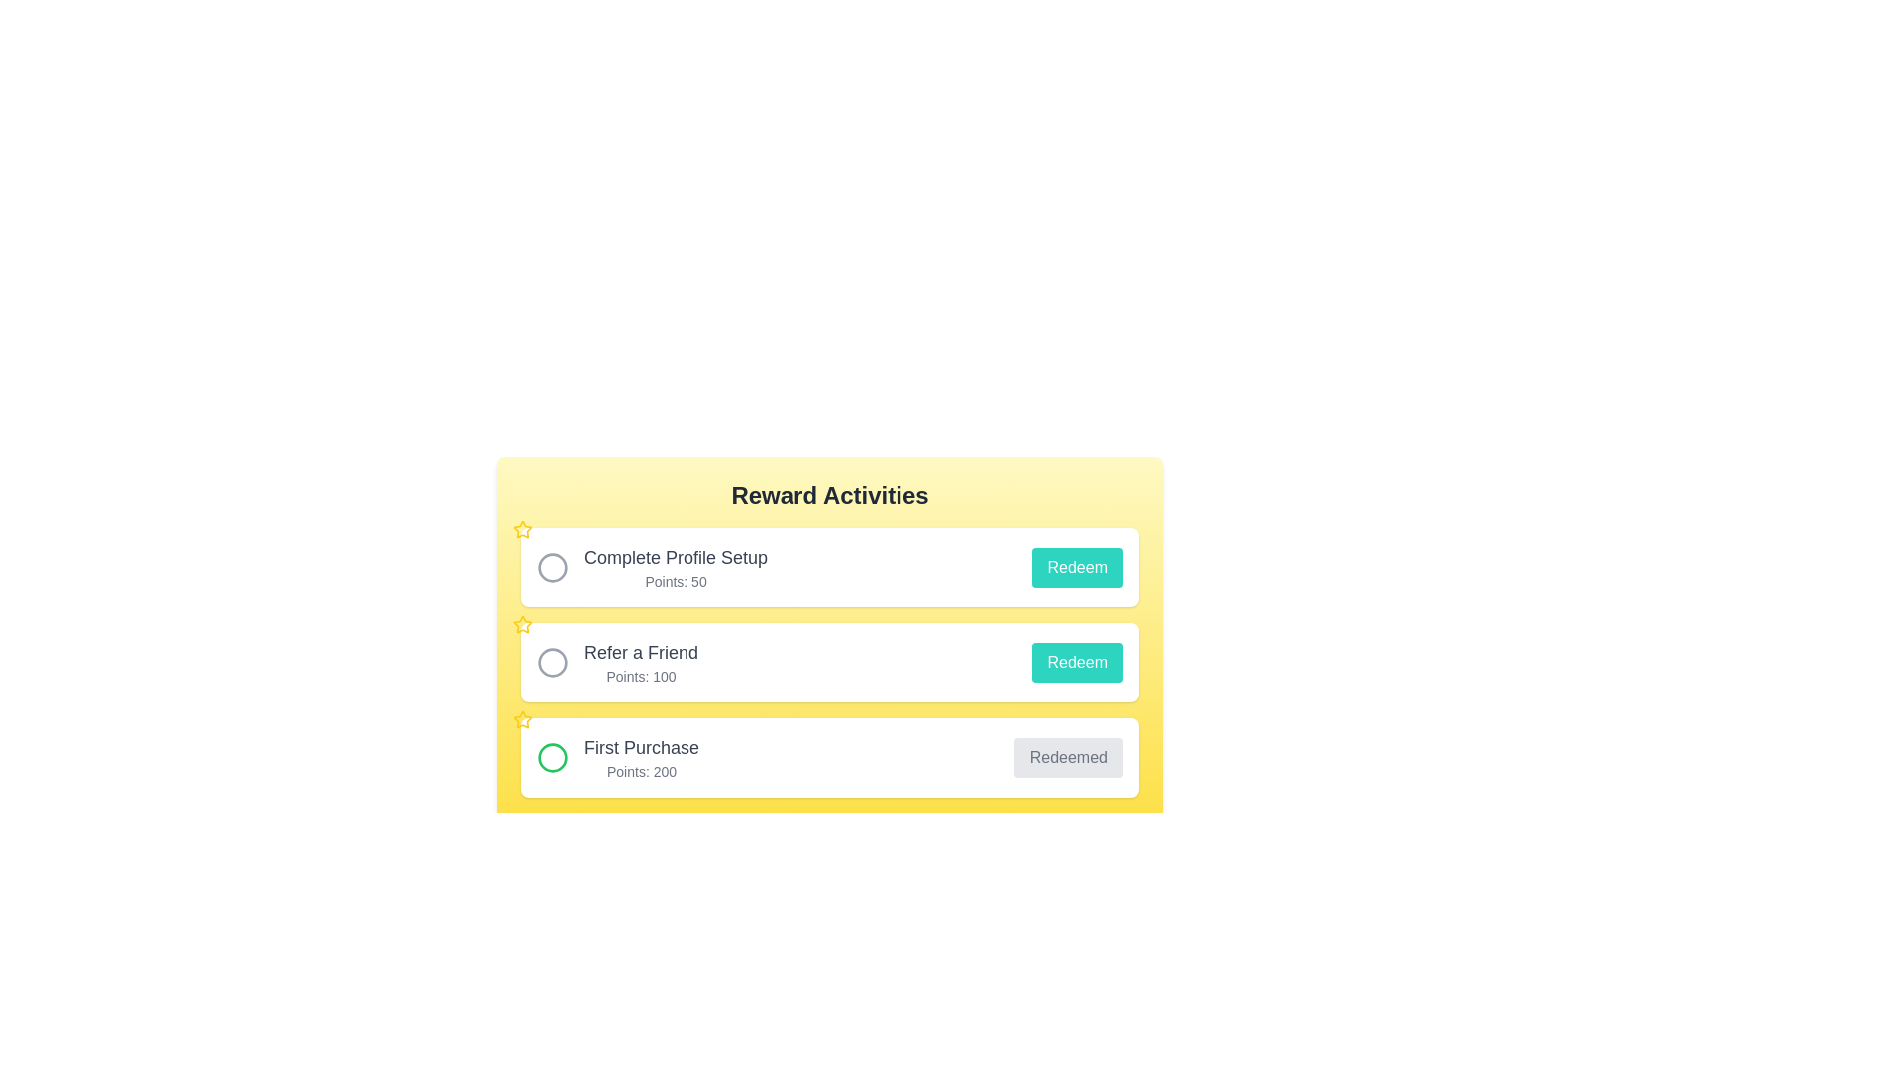  Describe the element at coordinates (1076, 568) in the screenshot. I see `'Redeem' button for the reward titled 'Complete Profile Setup'` at that location.